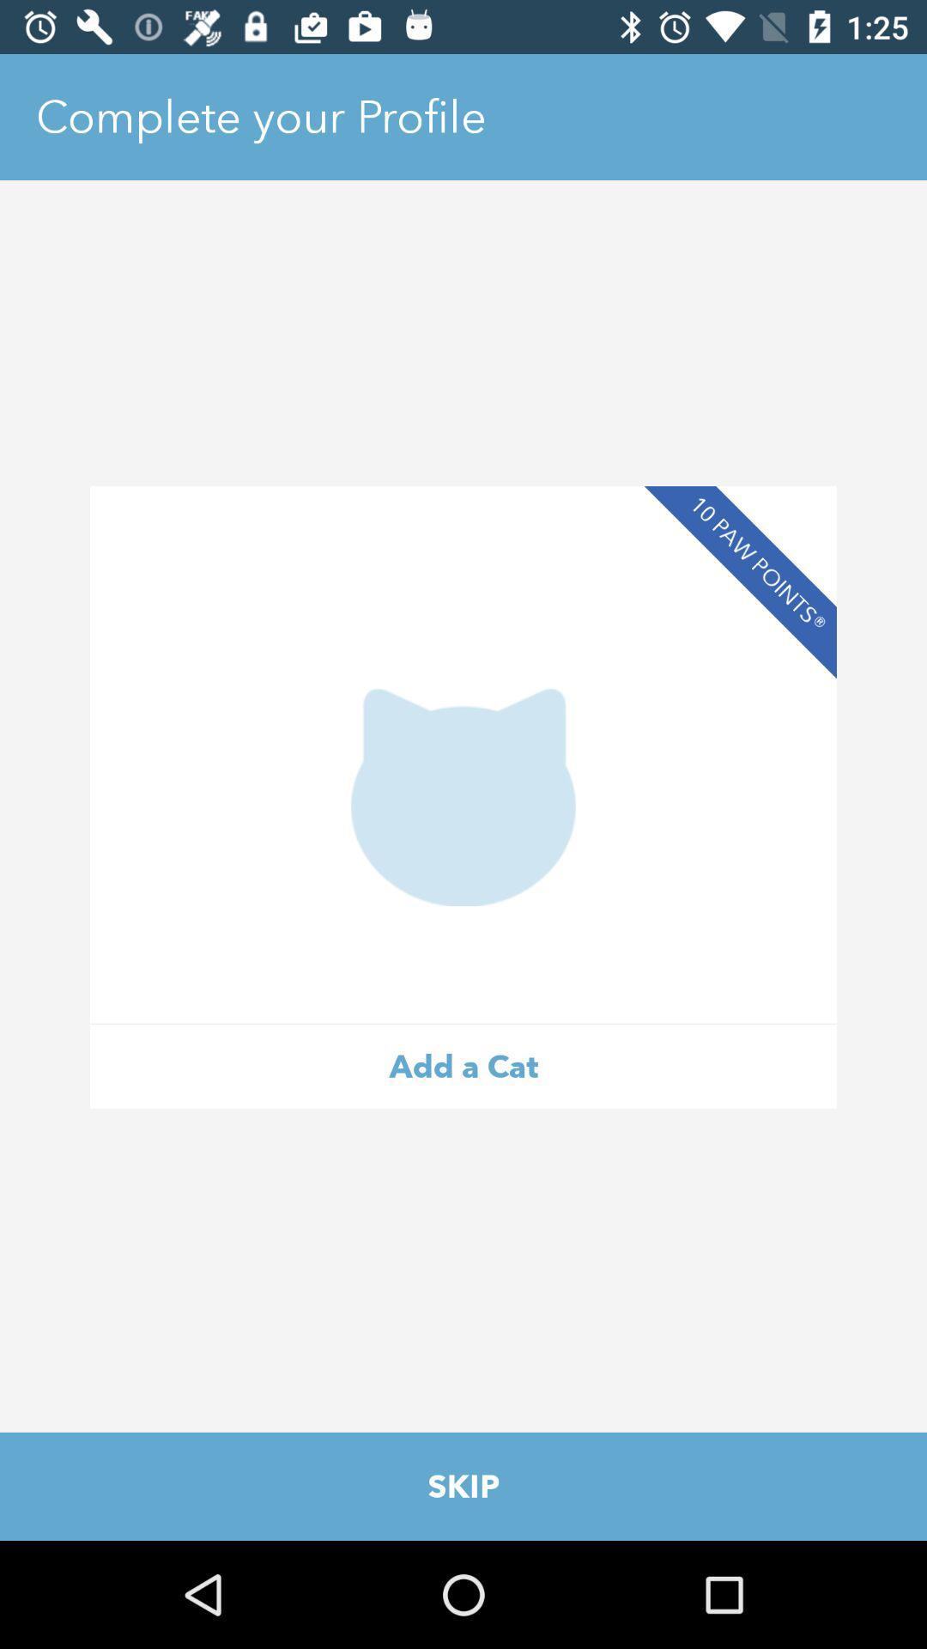 The image size is (927, 1649). I want to click on skip icon, so click(463, 1486).